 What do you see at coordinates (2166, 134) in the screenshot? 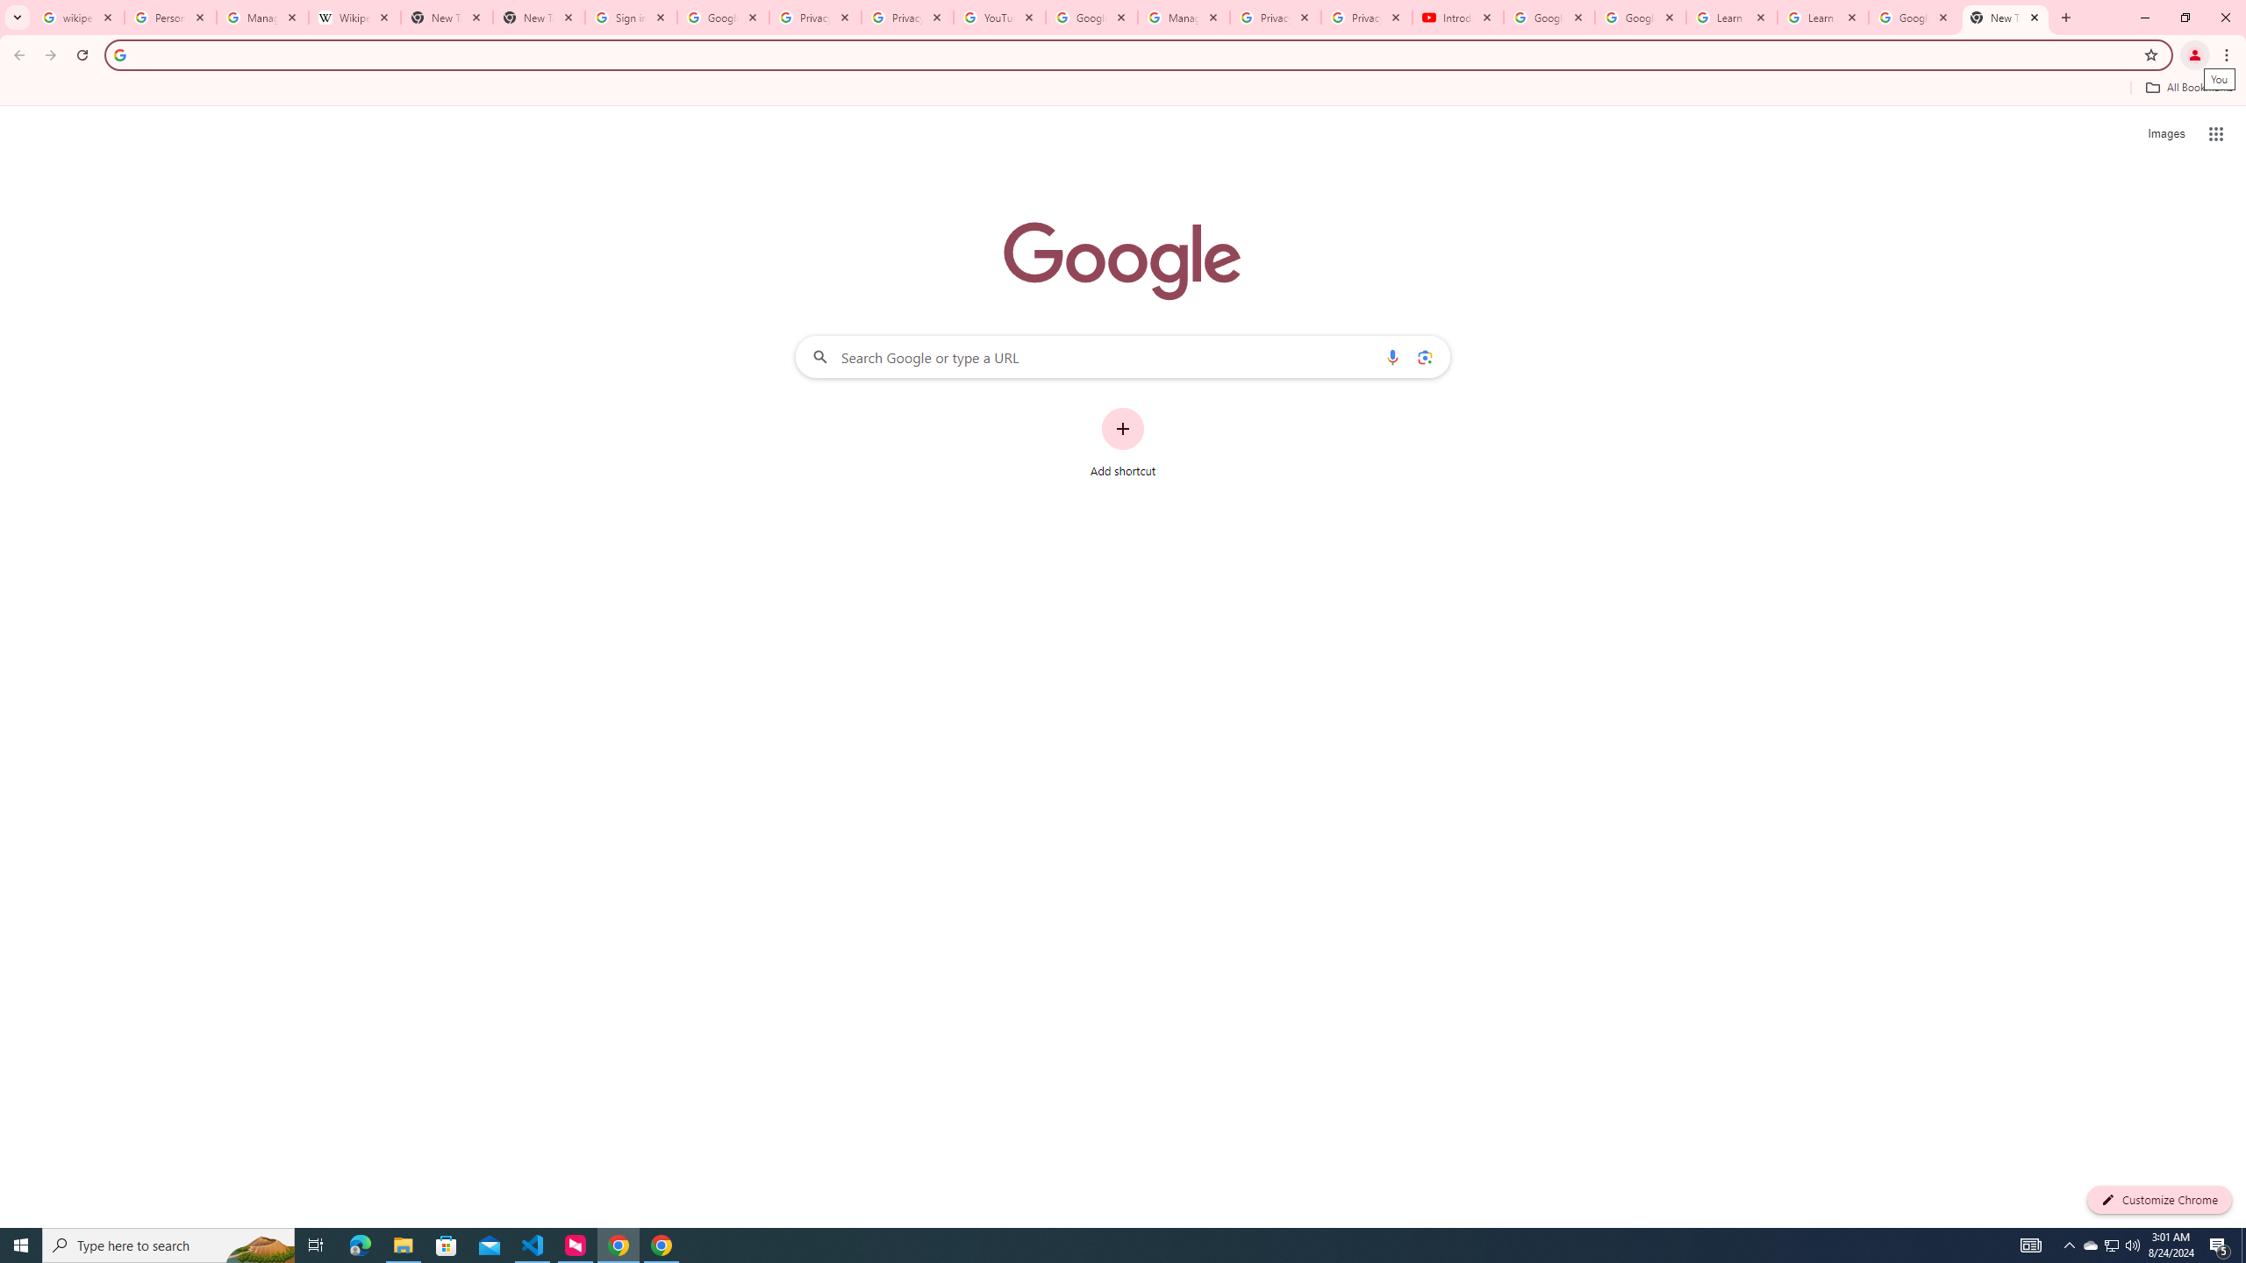
I see `'Search for Images '` at bounding box center [2166, 134].